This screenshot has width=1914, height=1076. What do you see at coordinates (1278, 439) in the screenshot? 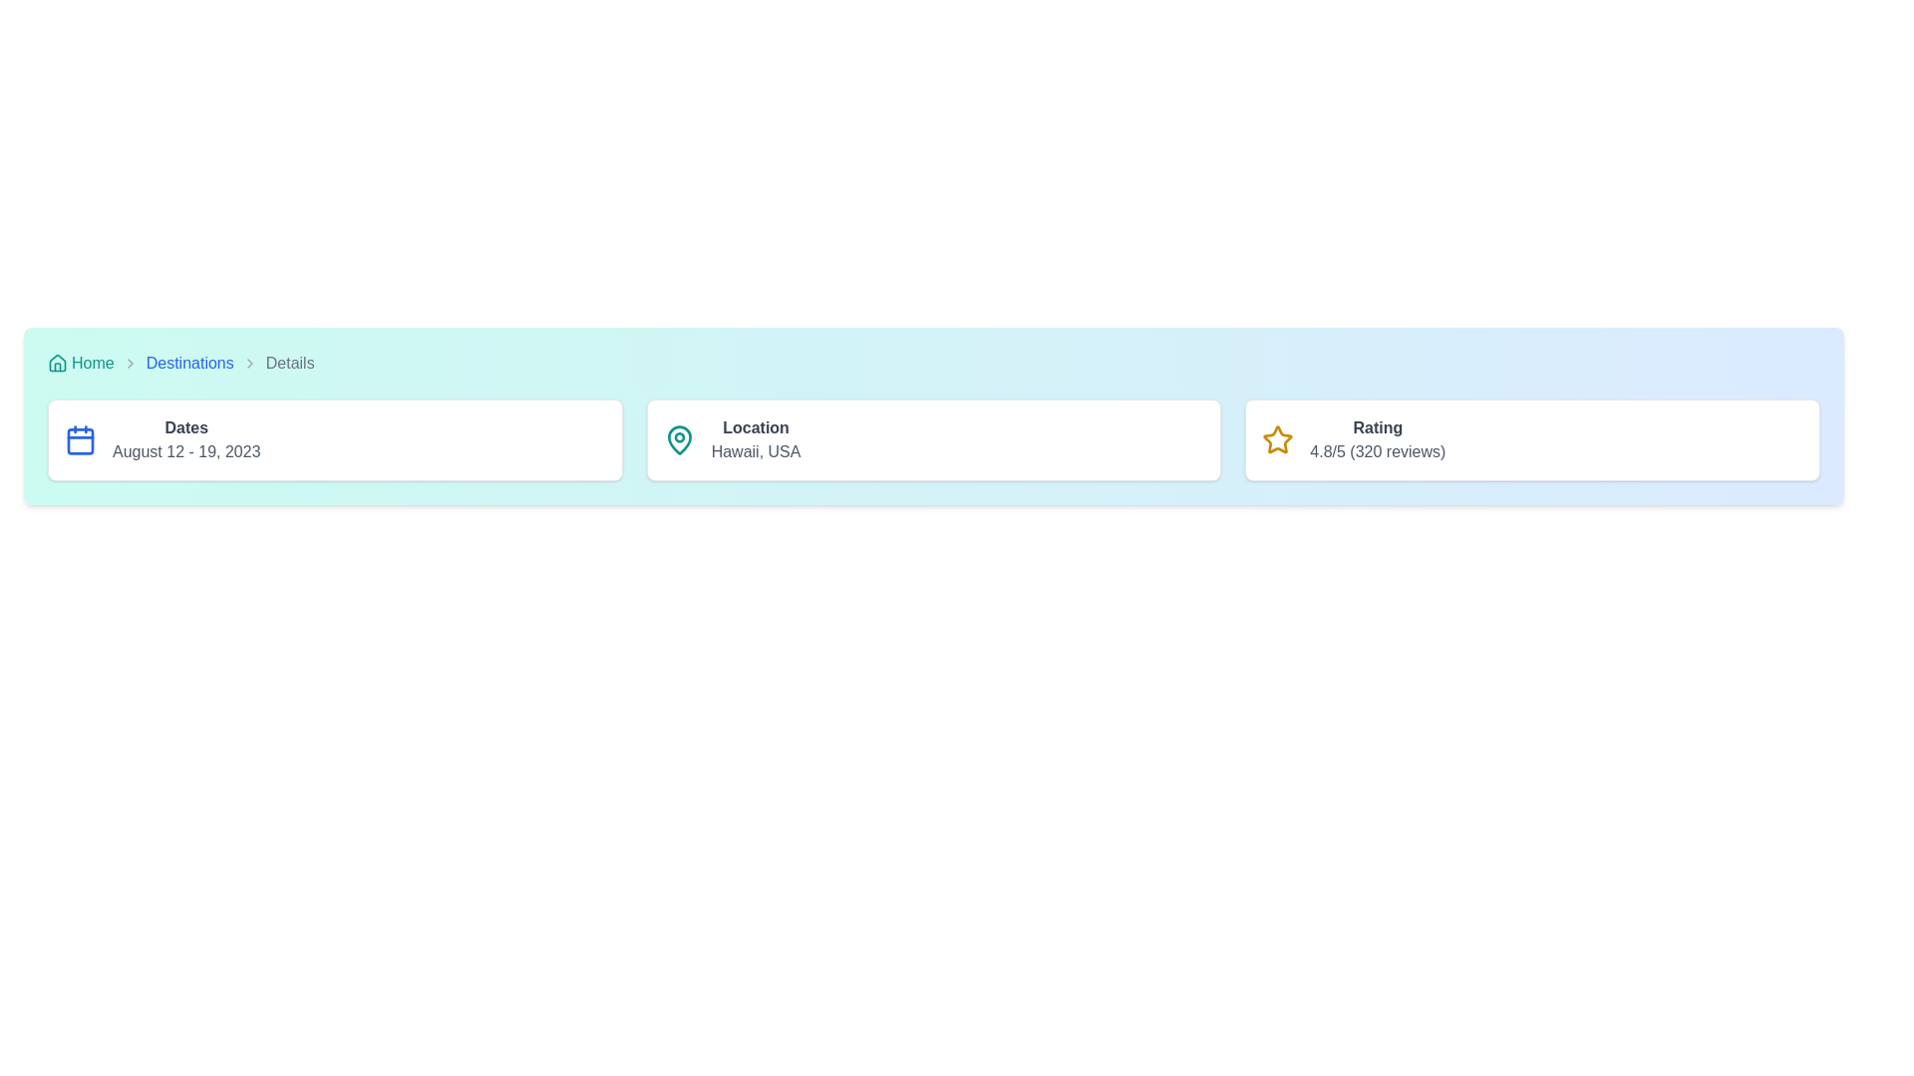
I see `the yellow star icon with a hollow center, located at the leftmost position inside the rating card displaying '4.8/5 (320 reviews)'` at bounding box center [1278, 439].